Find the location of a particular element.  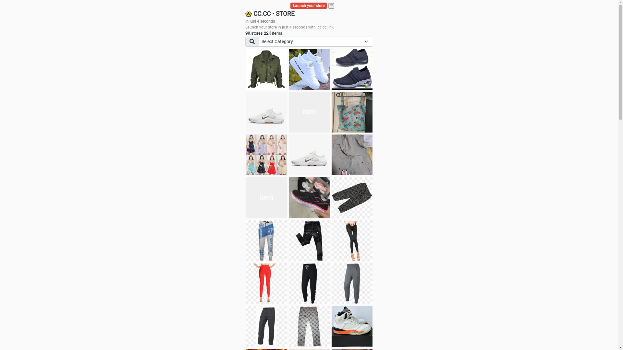

'Shoes' is located at coordinates (288, 155).